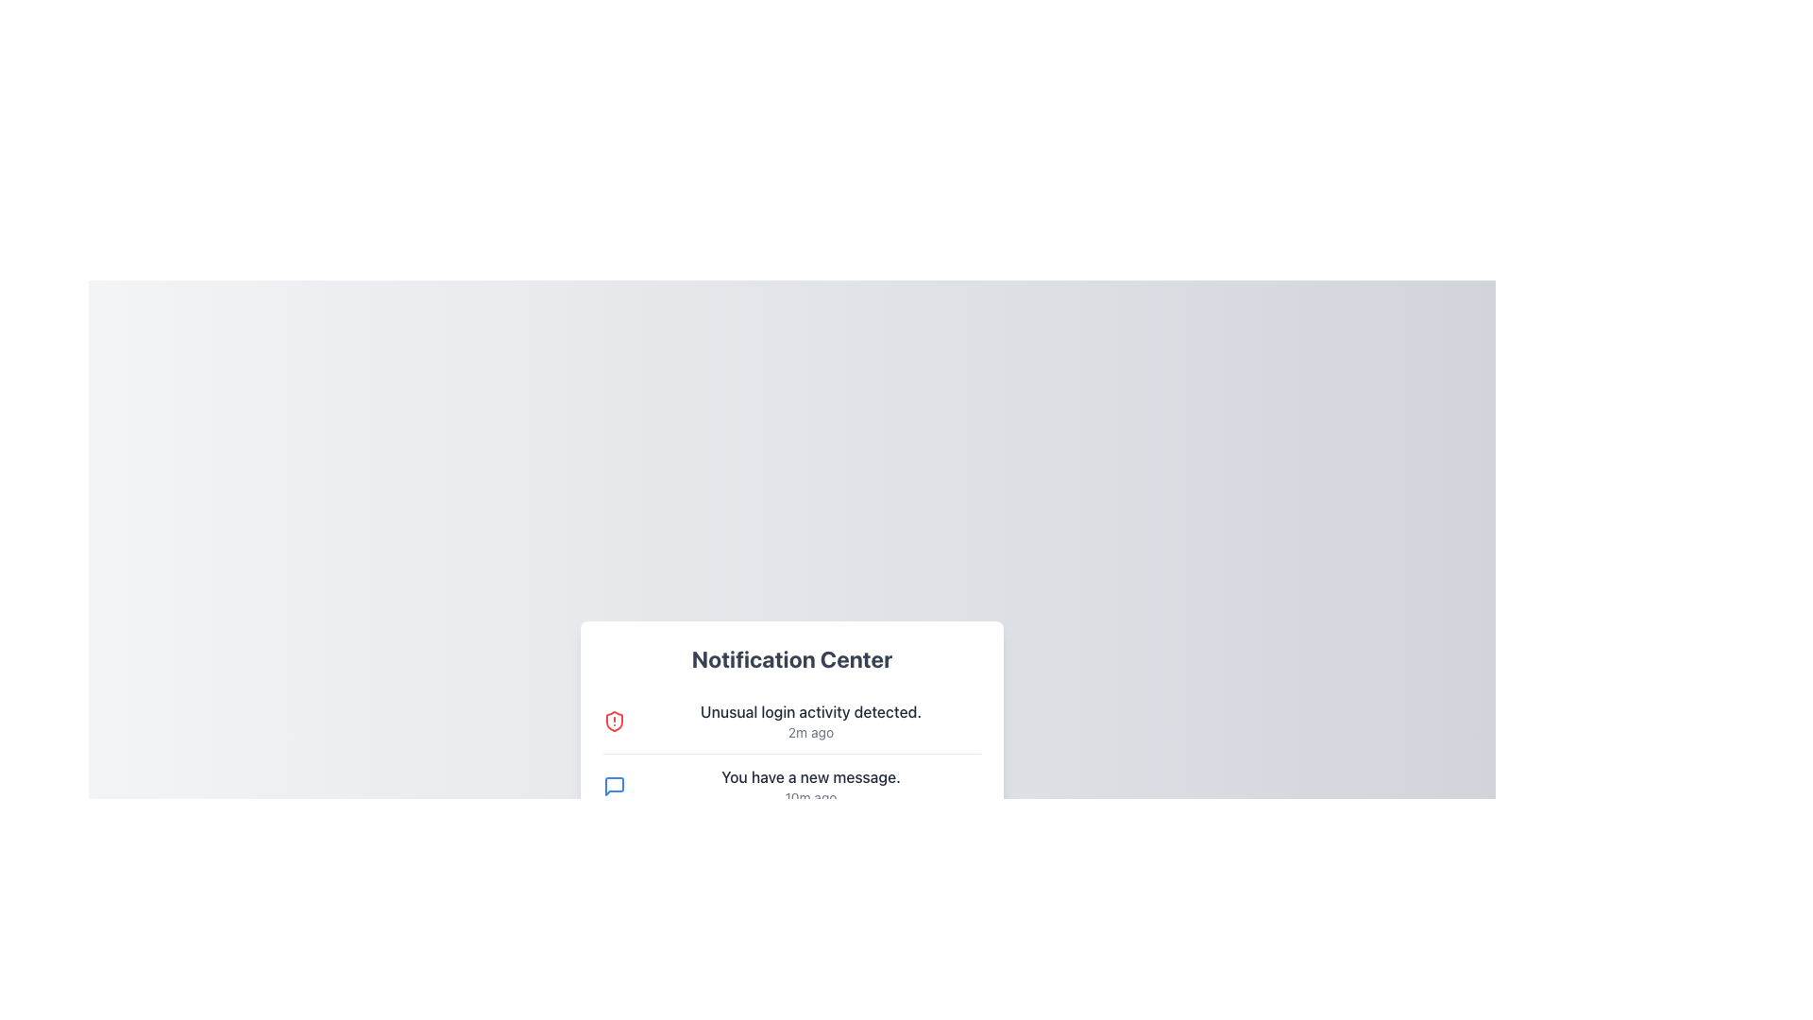 The width and height of the screenshot is (1813, 1020). Describe the element at coordinates (811, 787) in the screenshot. I see `the text block notification entry that displays 'You have a new message.' and the timestamp '10m ago'` at that location.